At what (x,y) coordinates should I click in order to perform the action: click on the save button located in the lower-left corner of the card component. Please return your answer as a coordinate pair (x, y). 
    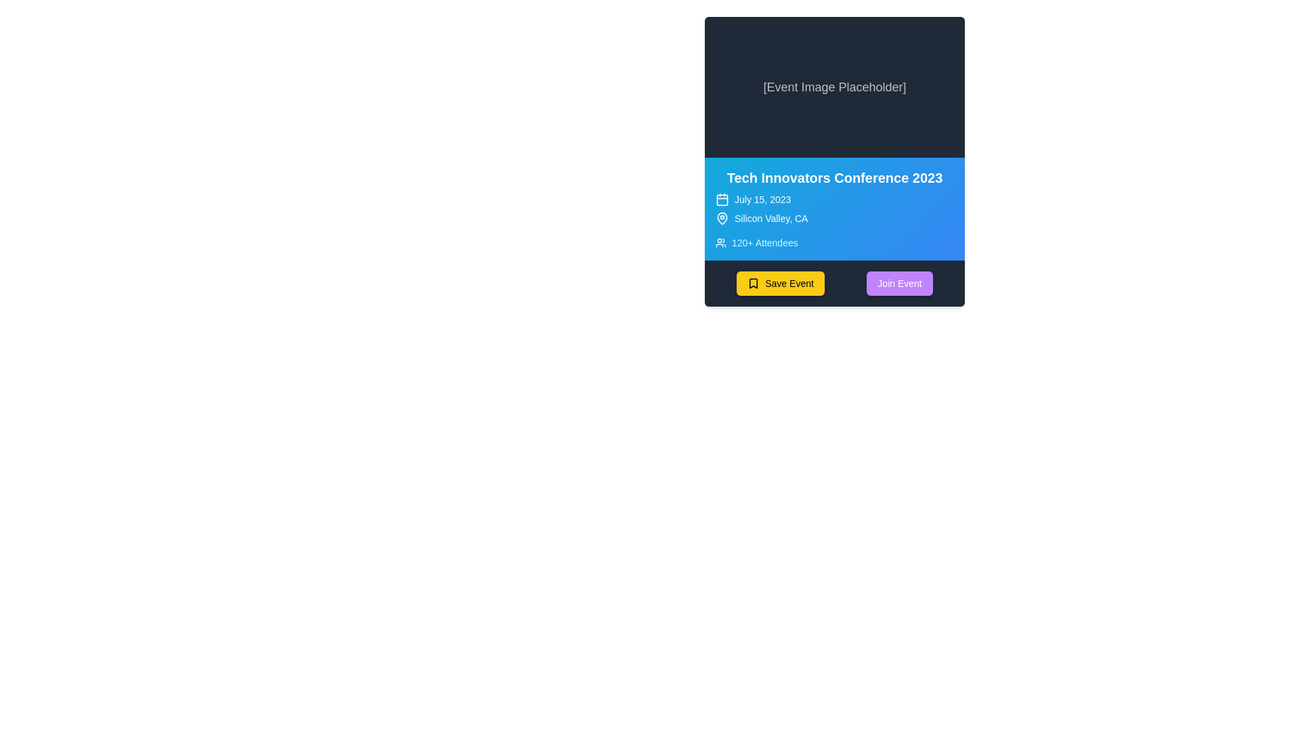
    Looking at the image, I should click on (780, 283).